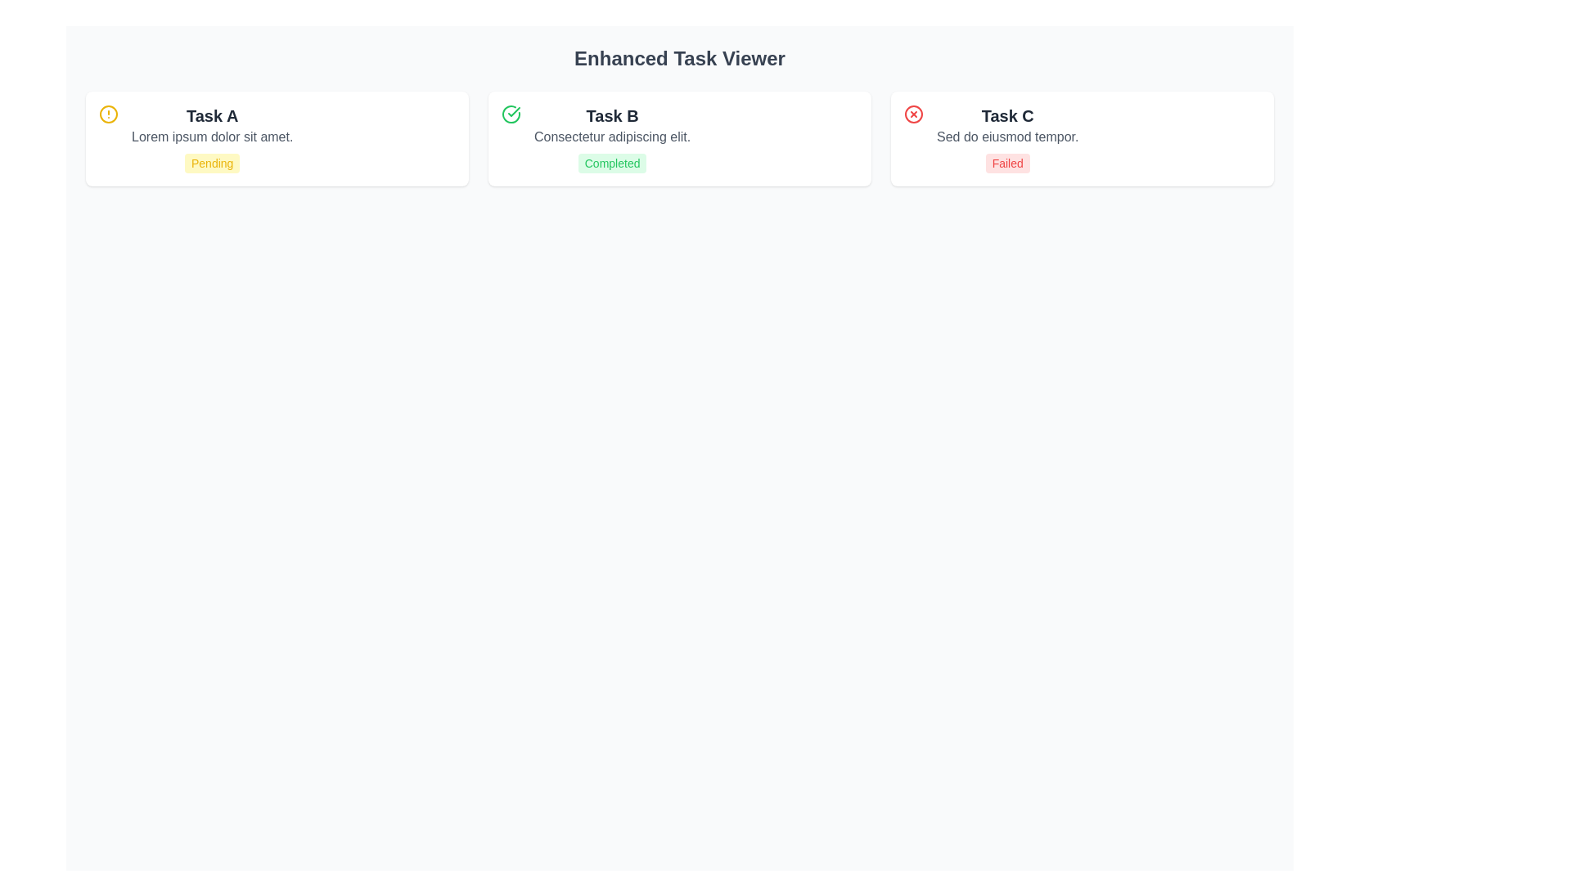  Describe the element at coordinates (1006, 137) in the screenshot. I see `descriptive text element located below the header 'Task C' and above the 'Failed' label, which provides additional details about the task 'Task C'` at that location.